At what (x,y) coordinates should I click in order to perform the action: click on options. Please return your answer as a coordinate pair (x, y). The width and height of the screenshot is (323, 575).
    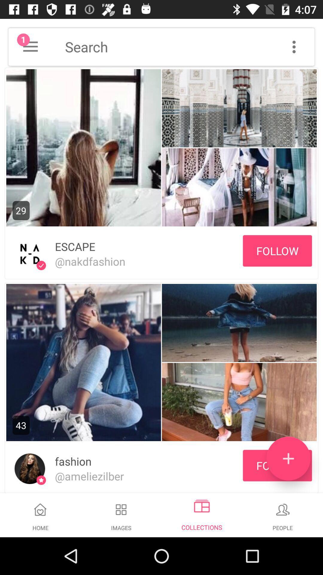
    Looking at the image, I should click on (294, 46).